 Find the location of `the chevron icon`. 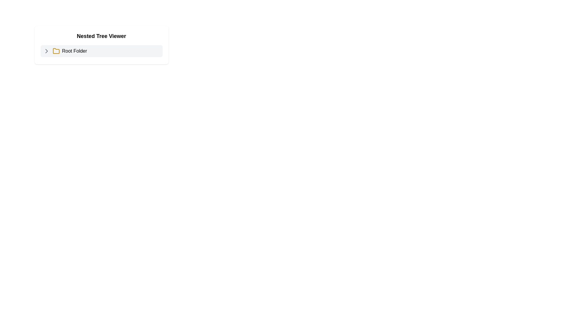

the chevron icon is located at coordinates (46, 51).